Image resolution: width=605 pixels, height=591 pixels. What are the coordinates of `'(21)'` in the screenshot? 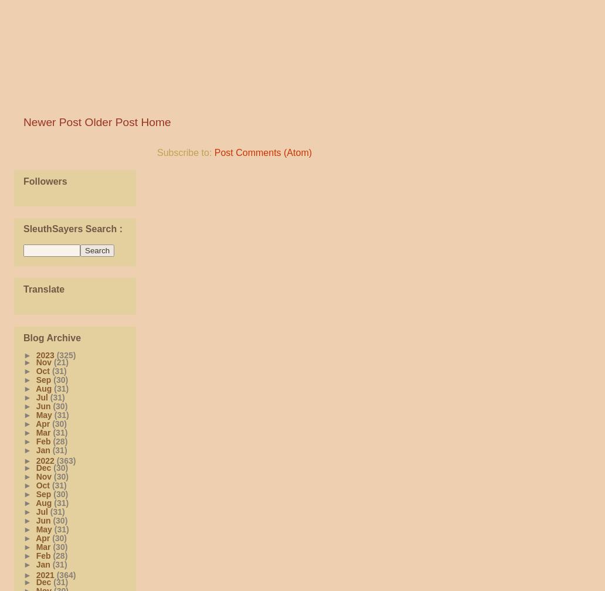 It's located at (60, 361).